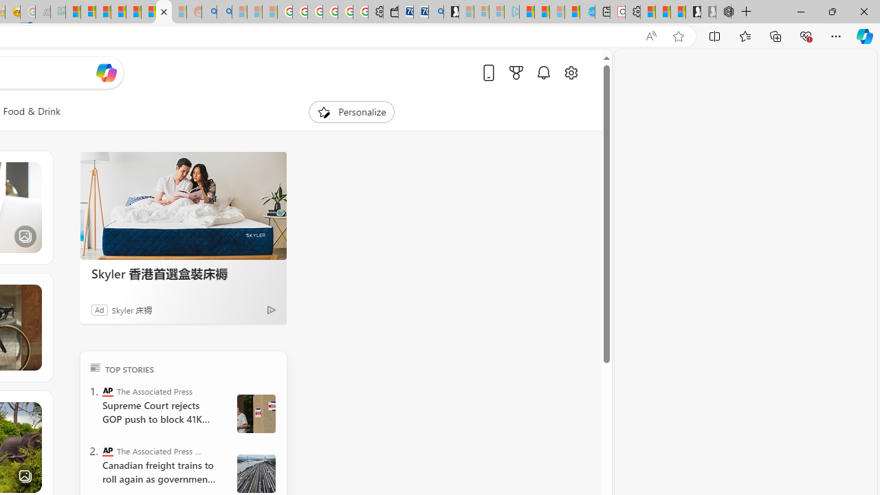 This screenshot has height=495, width=880. I want to click on 'Student Loan Update: Forgiveness Program Ends This Month', so click(118, 12).